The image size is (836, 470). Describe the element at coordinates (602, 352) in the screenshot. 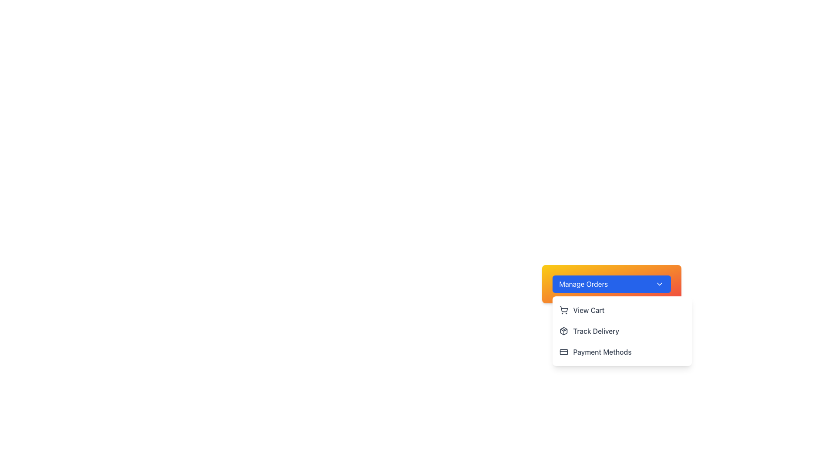

I see `the 'Payment Methods' text label in the dropdown menu under the 'Manage Orders' button` at that location.